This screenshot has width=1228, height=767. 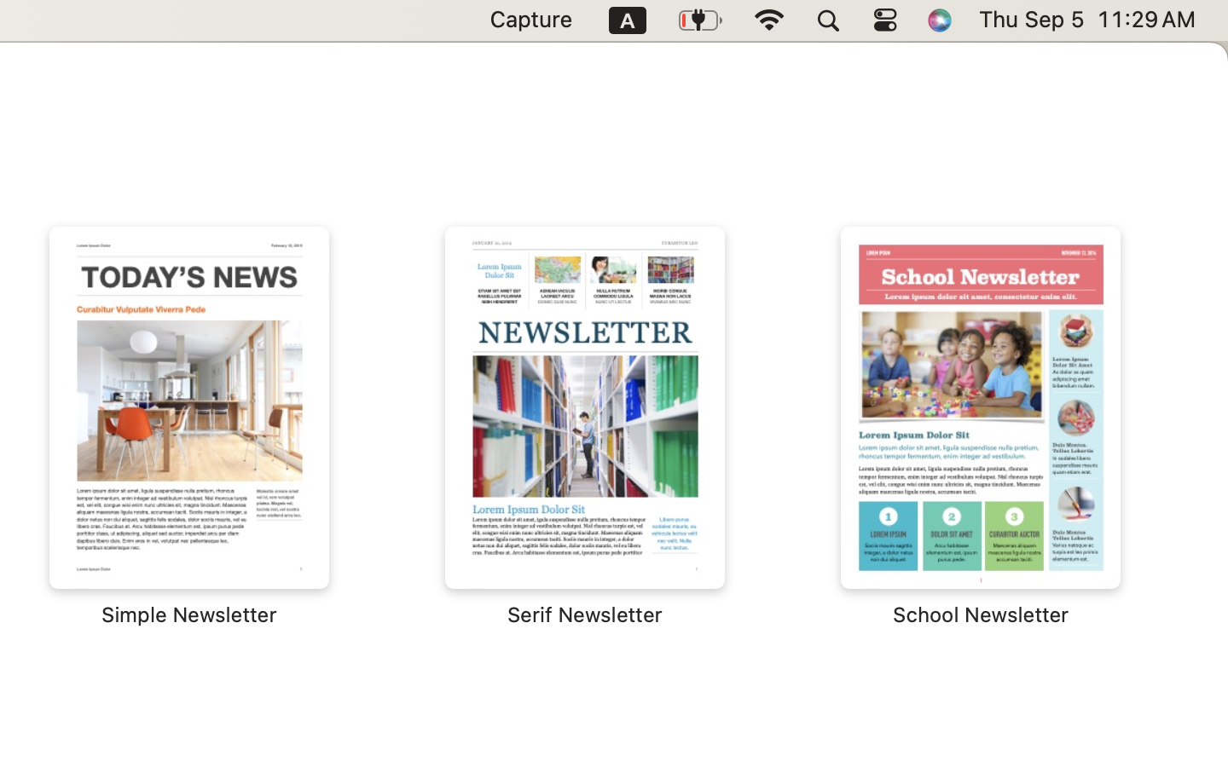 I want to click on '‎⁨School Newsletter⁩', so click(x=980, y=426).